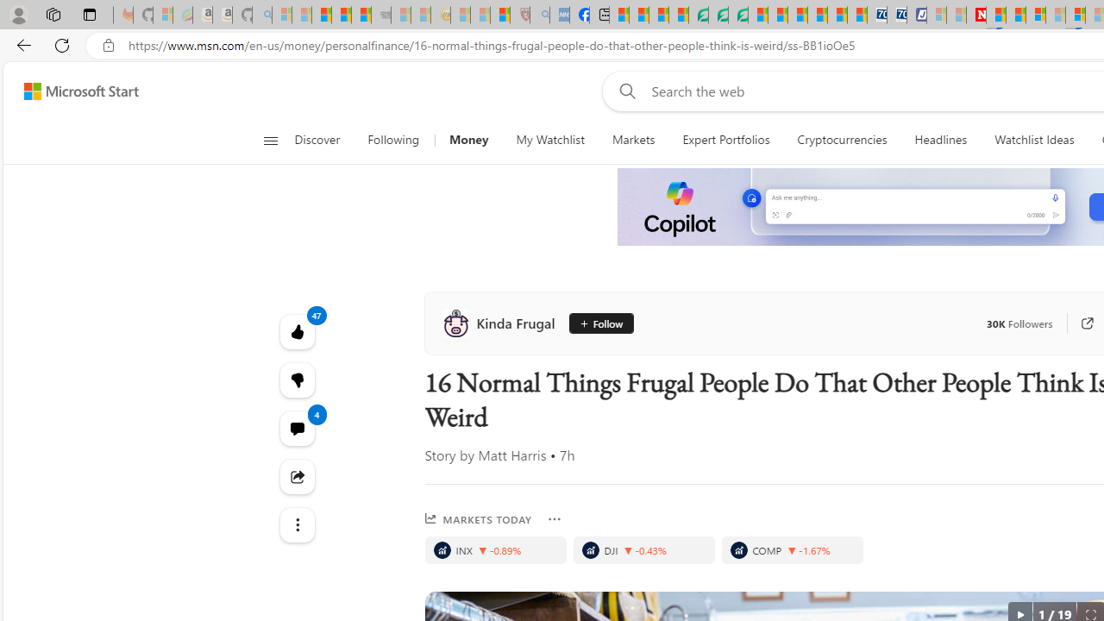 The width and height of the screenshot is (1104, 621). Describe the element at coordinates (269, 140) in the screenshot. I see `'Class: button-glyph'` at that location.